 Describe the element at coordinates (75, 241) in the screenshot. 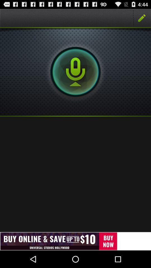

I see `open advertisement` at that location.